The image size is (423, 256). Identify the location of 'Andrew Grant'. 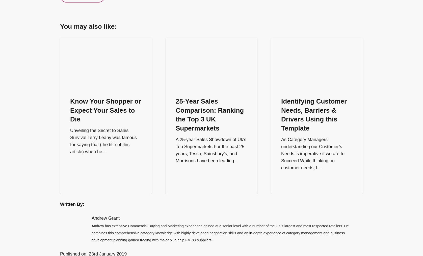
(91, 218).